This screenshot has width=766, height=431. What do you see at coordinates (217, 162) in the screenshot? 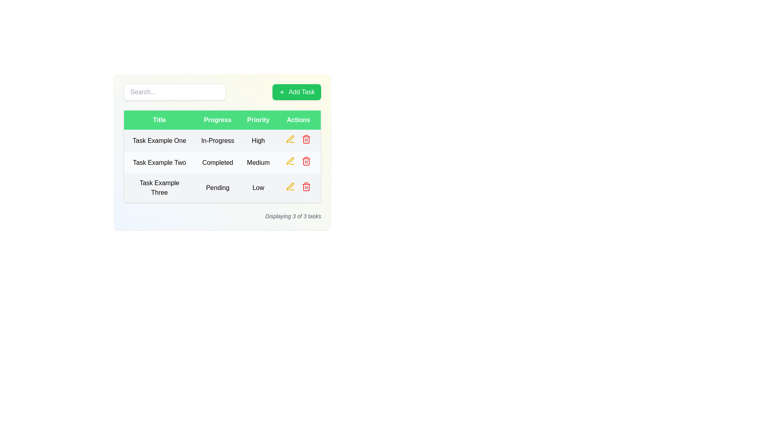
I see `text displayed in the progress status label for 'Task Example Two', which shows 'Completed'` at bounding box center [217, 162].